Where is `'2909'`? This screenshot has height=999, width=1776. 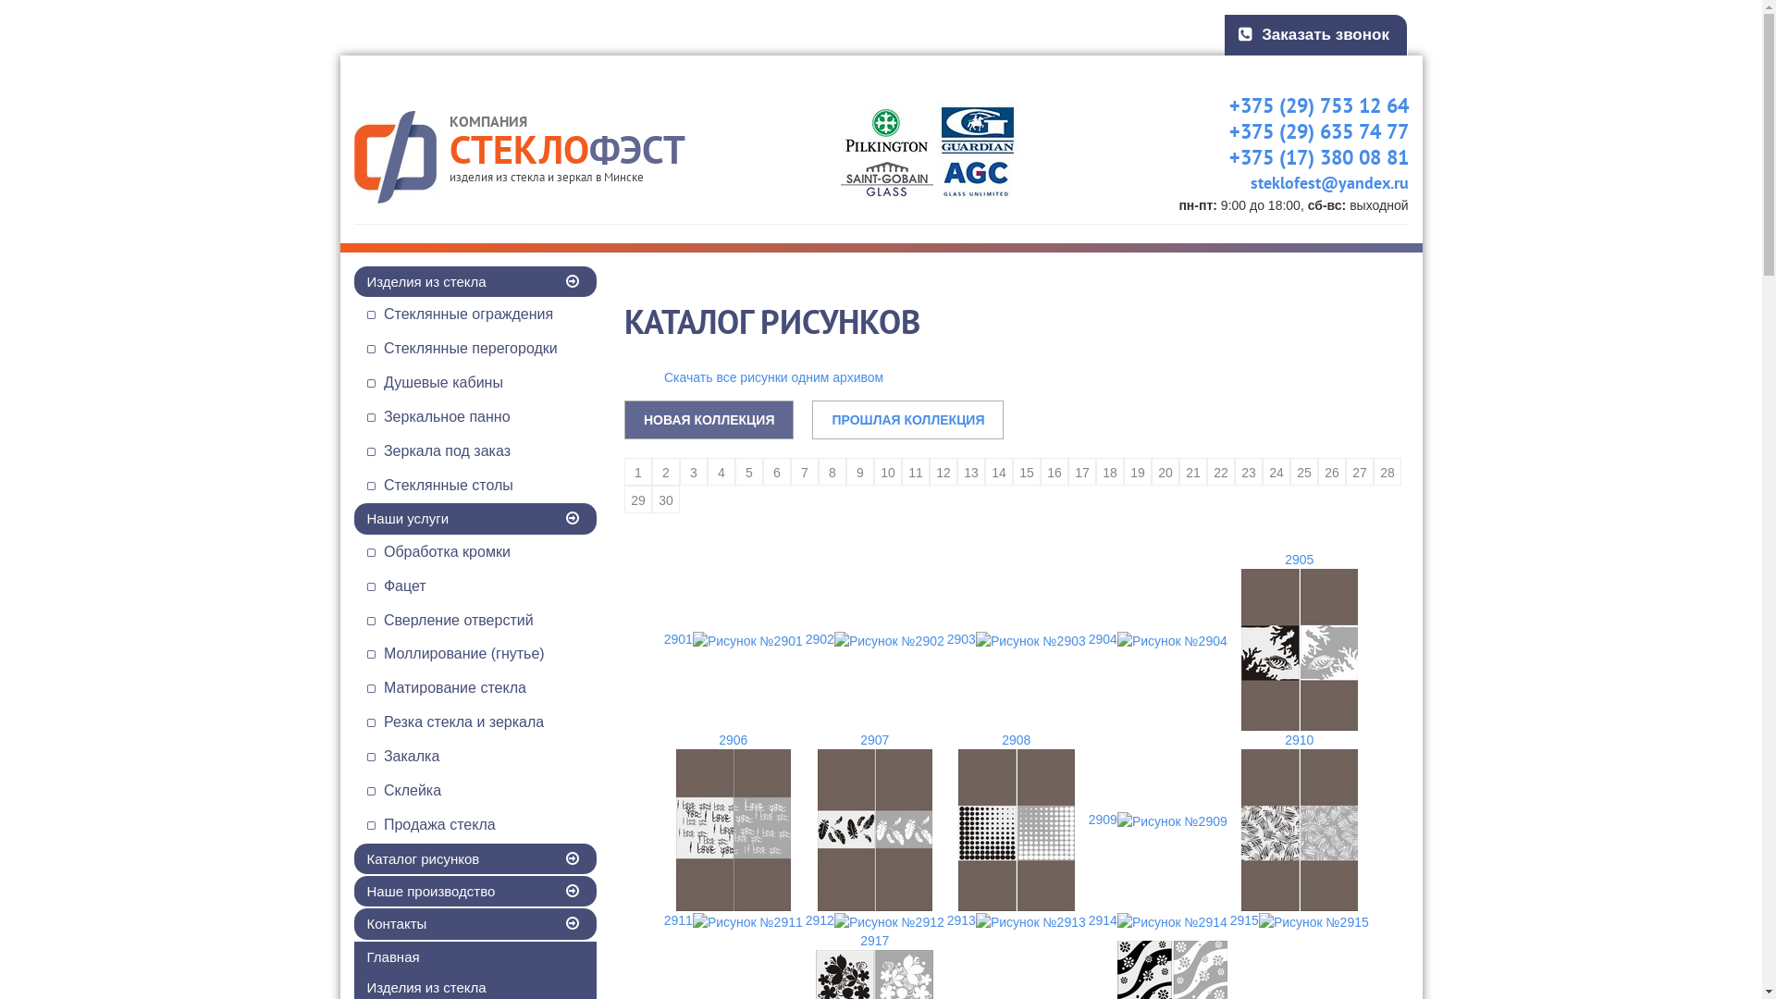 '2909' is located at coordinates (1156, 819).